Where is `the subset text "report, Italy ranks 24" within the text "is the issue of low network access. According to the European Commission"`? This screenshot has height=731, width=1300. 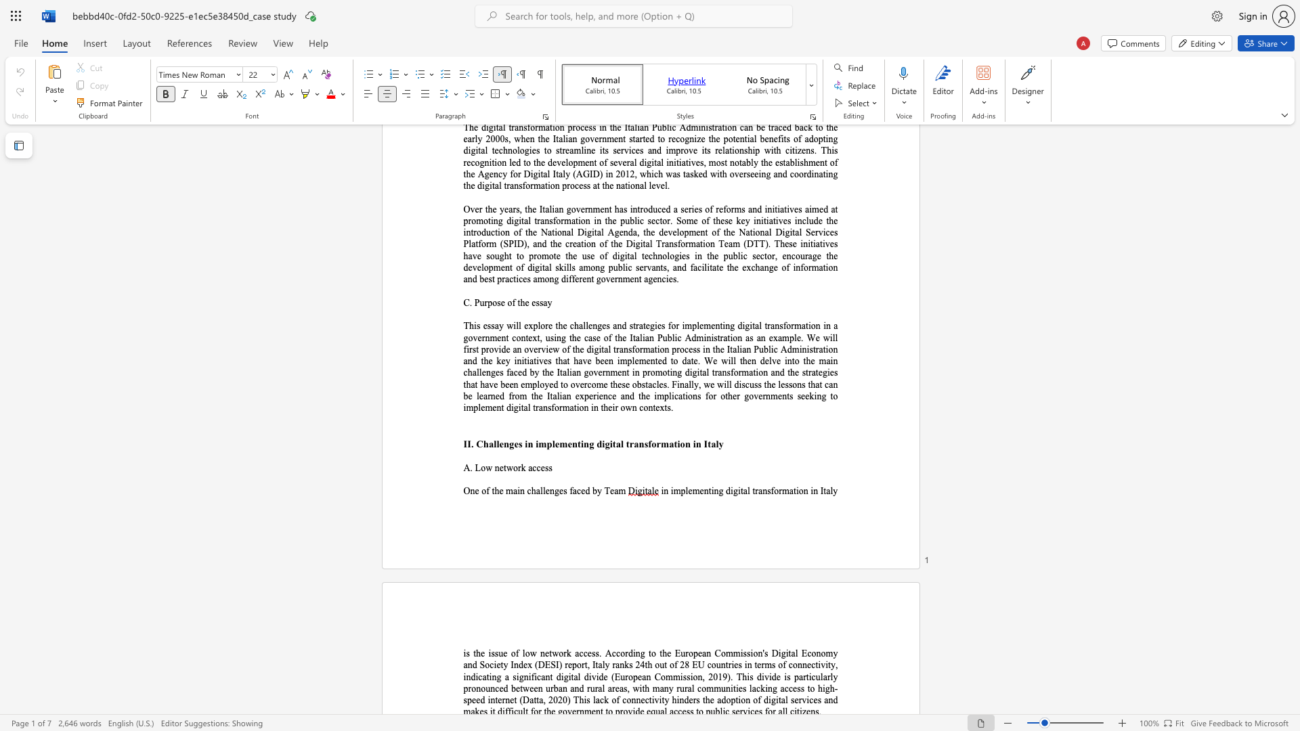 the subset text "report, Italy ranks 24" within the text "is the issue of low network access. According to the European Commission" is located at coordinates (565, 664).